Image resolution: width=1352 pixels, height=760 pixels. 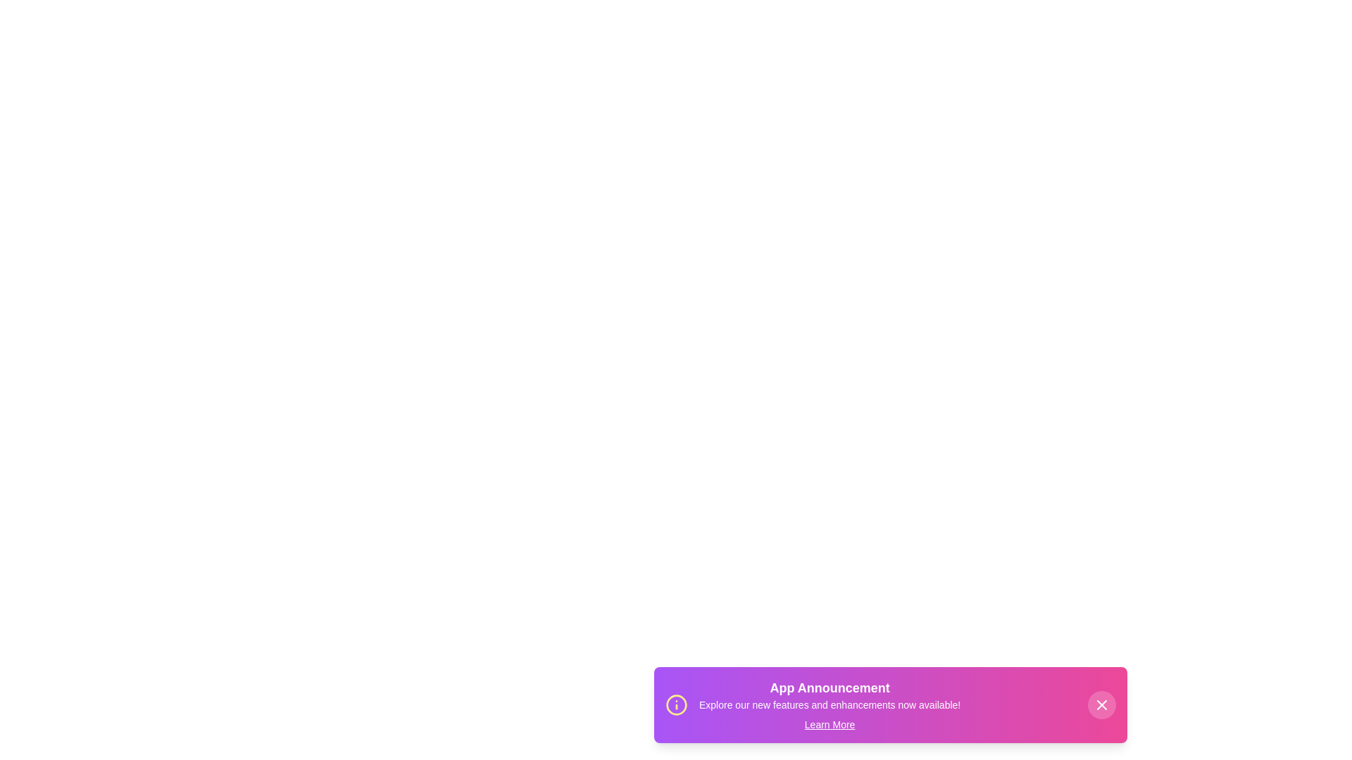 I want to click on the close button to dismiss the snackbar, so click(x=1101, y=705).